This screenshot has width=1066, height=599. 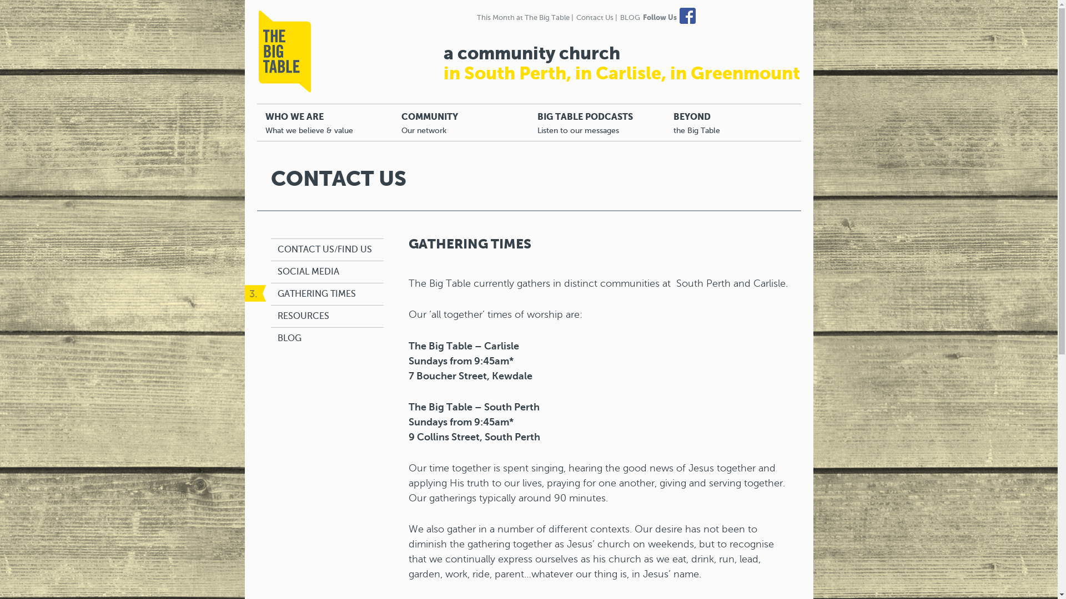 What do you see at coordinates (316, 293) in the screenshot?
I see `'GATHERING TIMES'` at bounding box center [316, 293].